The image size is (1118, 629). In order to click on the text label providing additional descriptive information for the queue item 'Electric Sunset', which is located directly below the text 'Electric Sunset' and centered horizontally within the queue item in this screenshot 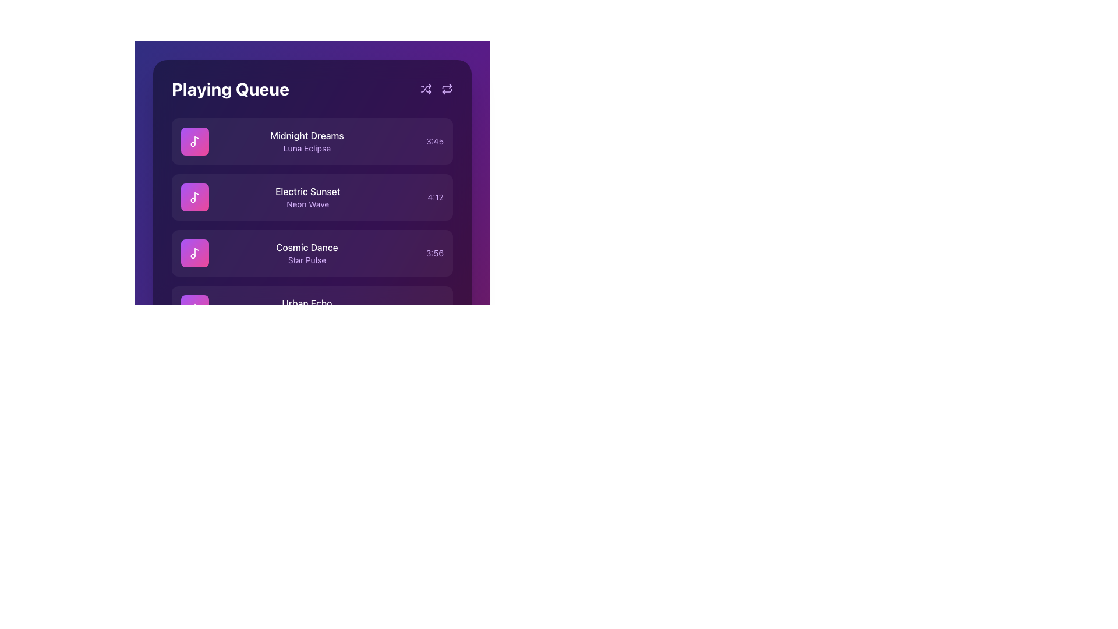, I will do `click(307, 204)`.